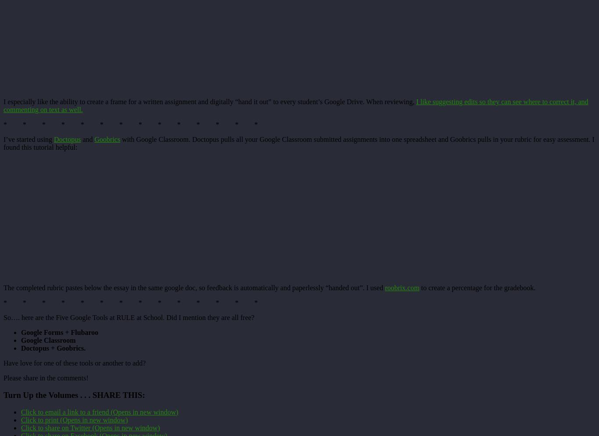  I want to click on 'Turn Up the Volumes . . . SHARE THIS:', so click(4, 394).